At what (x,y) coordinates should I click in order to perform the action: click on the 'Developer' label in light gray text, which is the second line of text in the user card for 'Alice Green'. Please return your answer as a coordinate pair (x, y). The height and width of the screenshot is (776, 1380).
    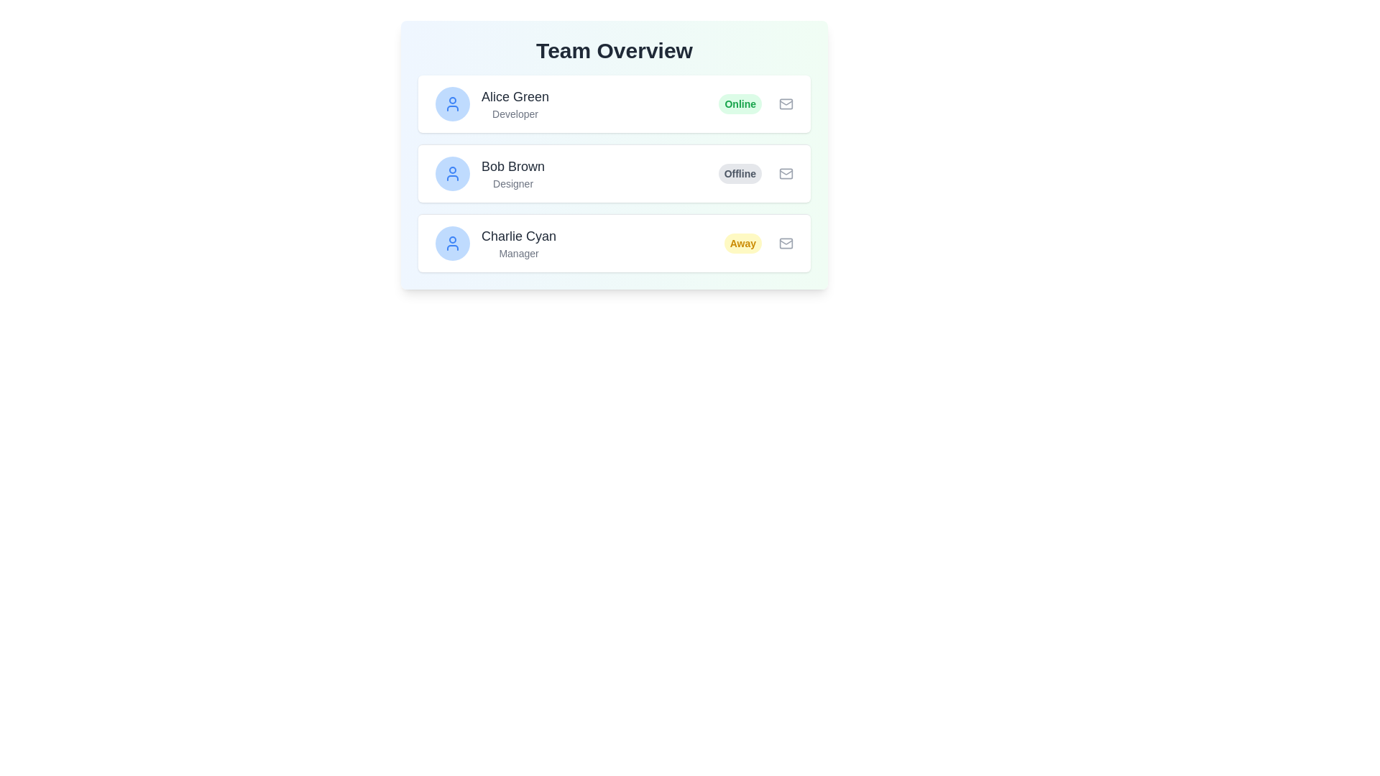
    Looking at the image, I should click on (515, 113).